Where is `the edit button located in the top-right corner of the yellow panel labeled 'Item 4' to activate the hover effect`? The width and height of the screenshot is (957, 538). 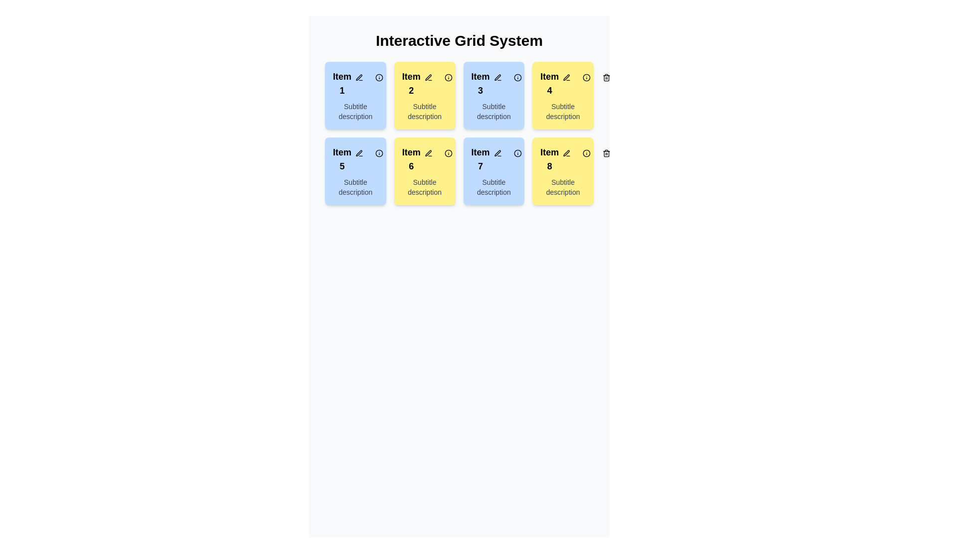 the edit button located in the top-right corner of the yellow panel labeled 'Item 4' to activate the hover effect is located at coordinates (567, 77).